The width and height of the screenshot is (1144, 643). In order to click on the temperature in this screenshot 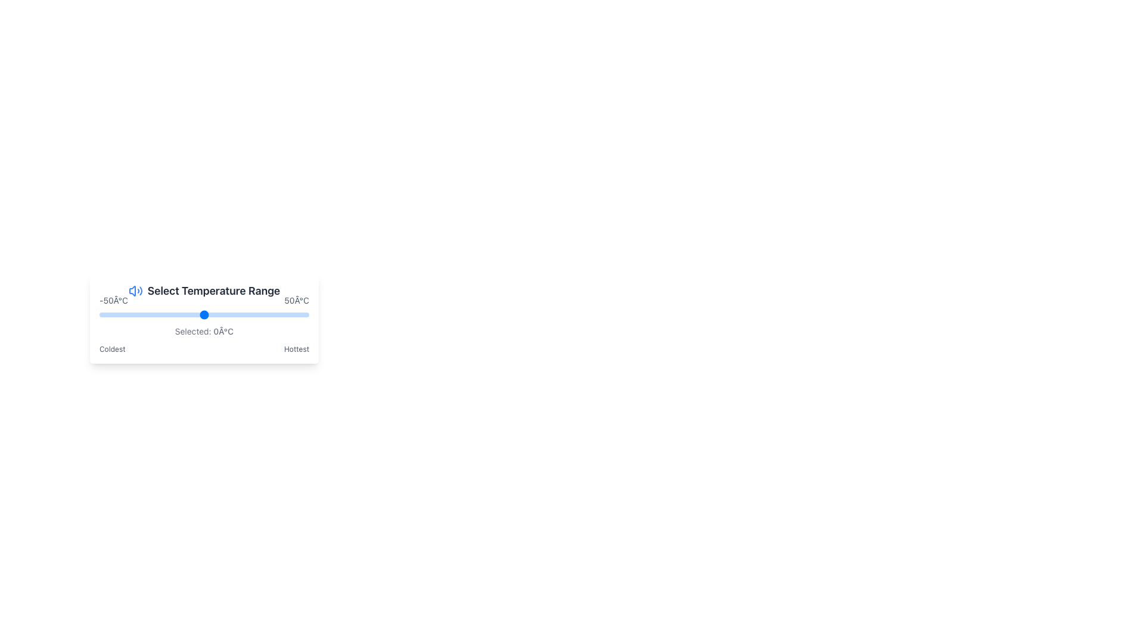, I will do `click(130, 314)`.